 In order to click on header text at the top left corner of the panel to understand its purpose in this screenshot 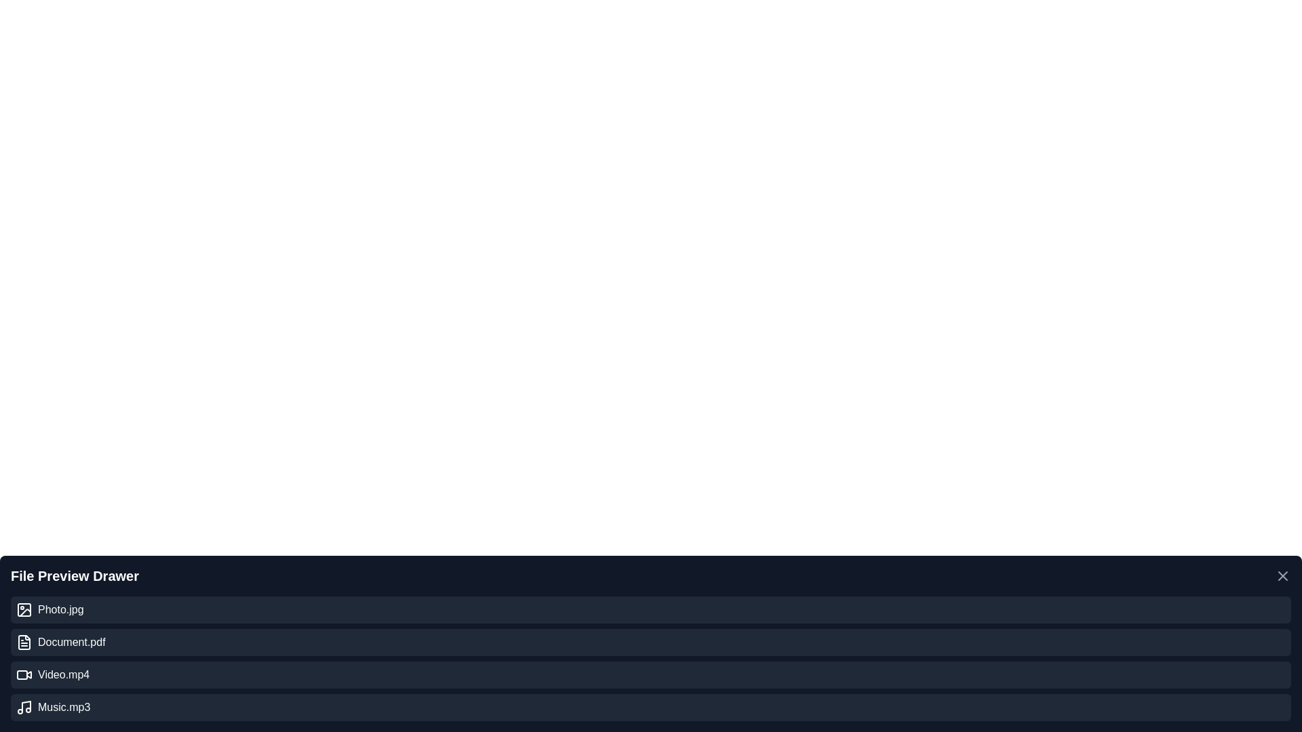, I will do `click(74, 575)`.